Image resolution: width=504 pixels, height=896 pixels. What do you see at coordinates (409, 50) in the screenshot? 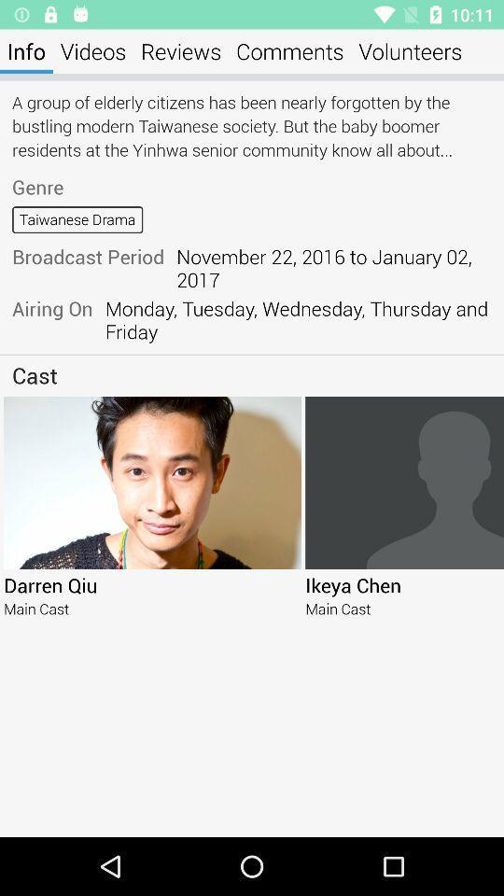
I see `icon at the top right corner` at bounding box center [409, 50].